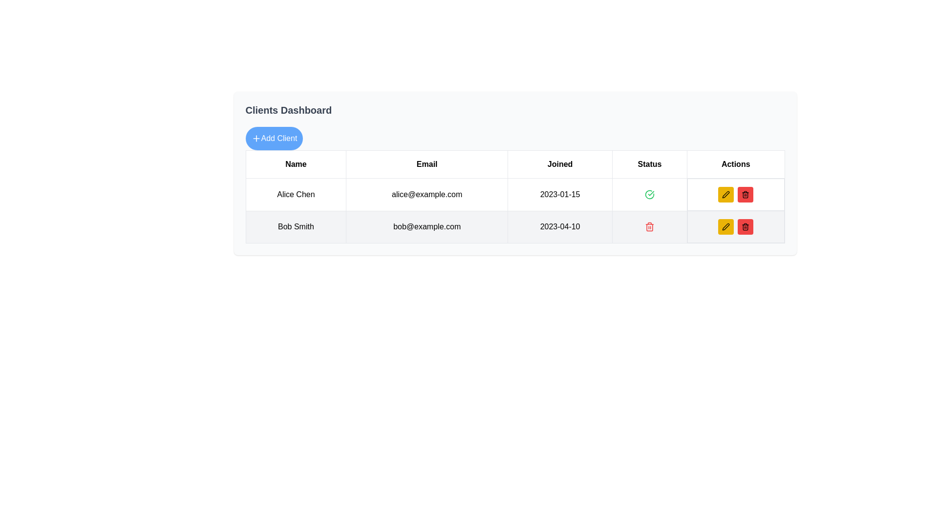 The image size is (938, 527). What do you see at coordinates (745, 194) in the screenshot?
I see `the circular red button with a white trash icon` at bounding box center [745, 194].